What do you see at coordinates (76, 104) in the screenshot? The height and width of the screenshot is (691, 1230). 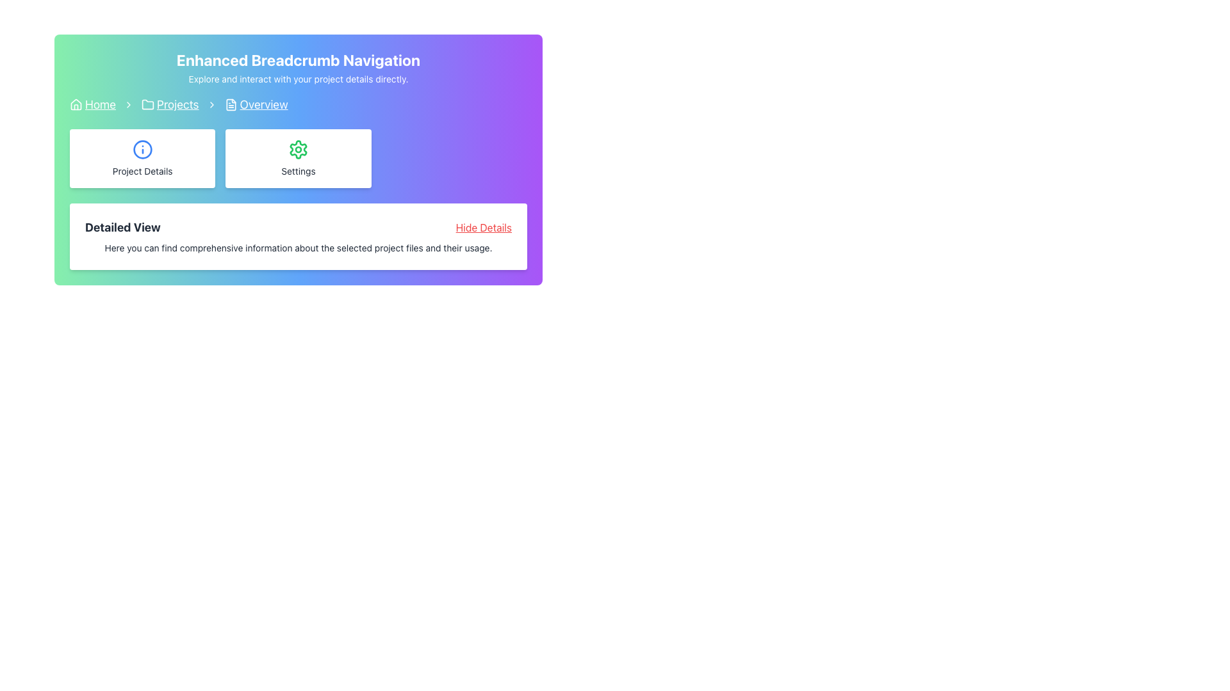 I see `the 'Home' icon in the breadcrumb navigation bar` at bounding box center [76, 104].